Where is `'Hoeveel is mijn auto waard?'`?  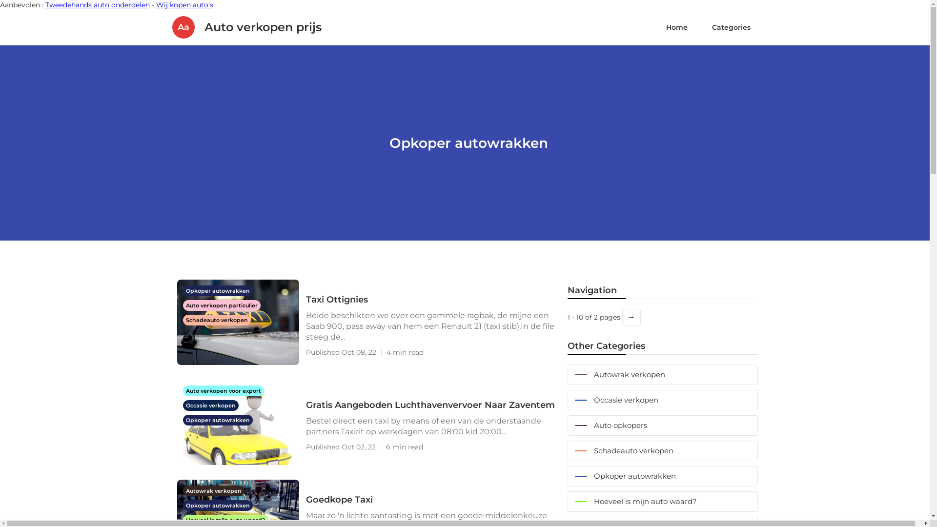 'Hoeveel is mijn auto waard?' is located at coordinates (662, 502).